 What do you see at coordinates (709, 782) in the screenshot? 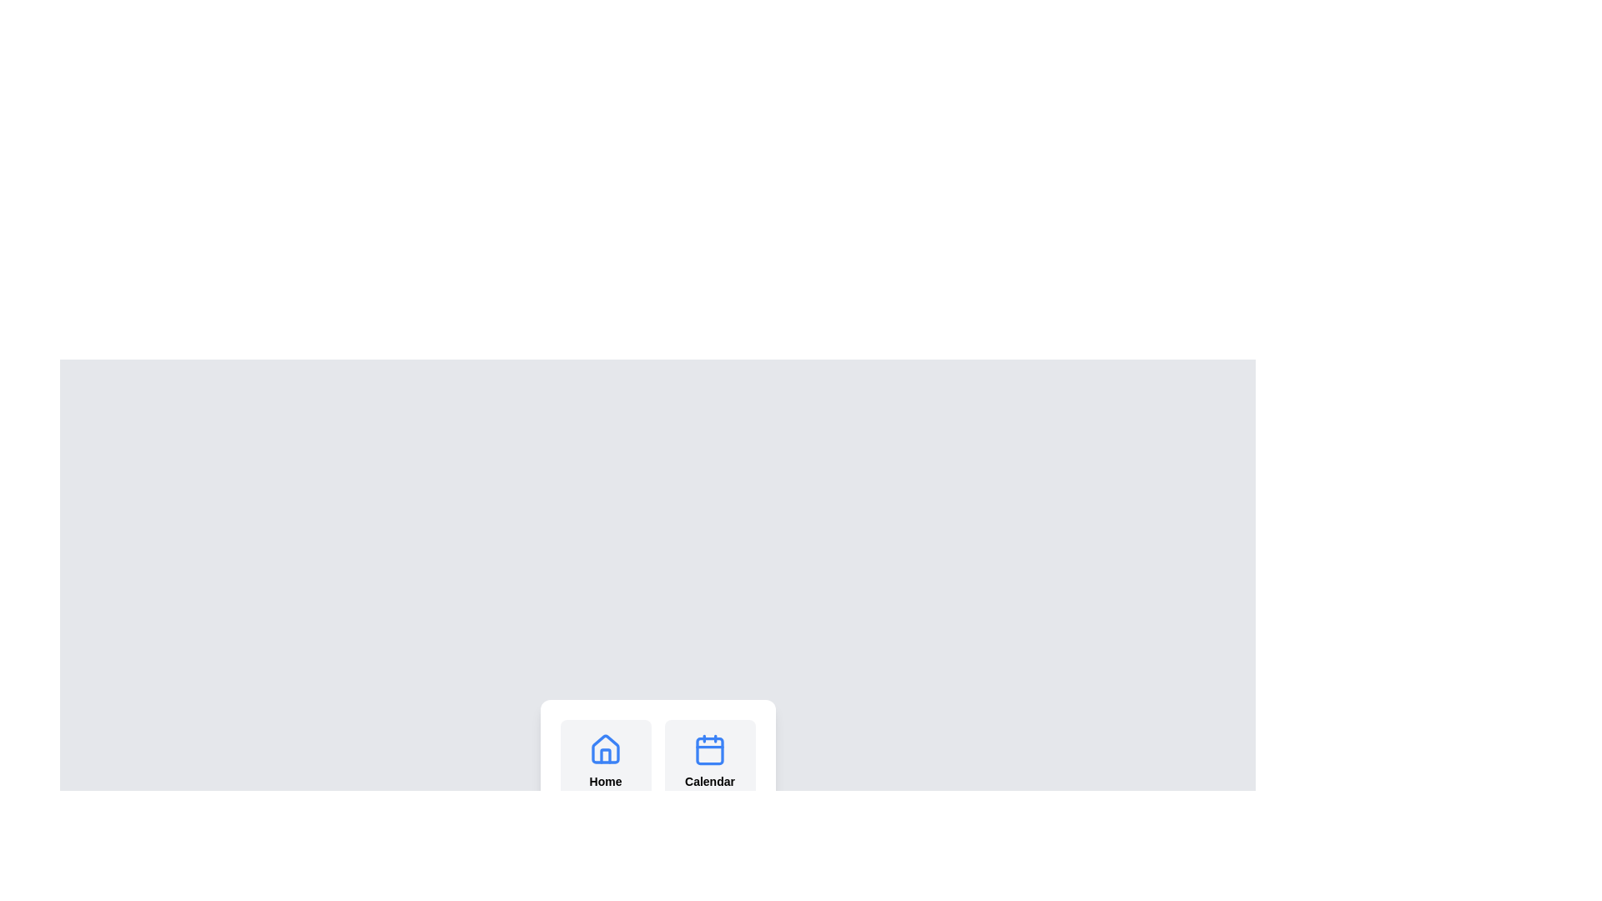
I see `the 'Calendar' text label element, which is bold and larger than surrounding text, located beneath a calendar icon` at bounding box center [709, 782].